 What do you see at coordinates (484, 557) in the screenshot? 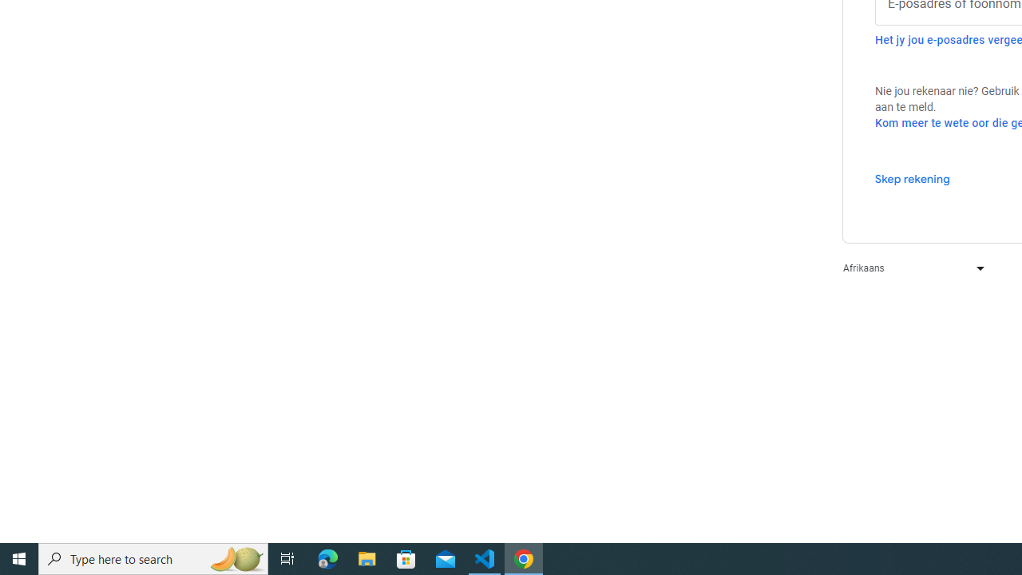
I see `'Visual Studio Code - 1 running window'` at bounding box center [484, 557].